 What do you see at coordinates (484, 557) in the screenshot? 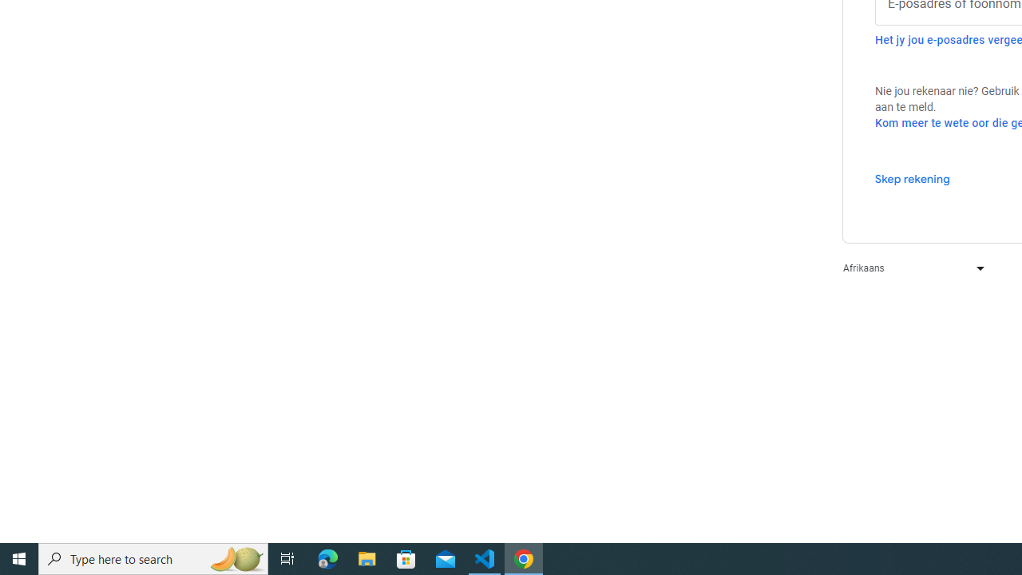
I see `'Visual Studio Code - 1 running window'` at bounding box center [484, 557].